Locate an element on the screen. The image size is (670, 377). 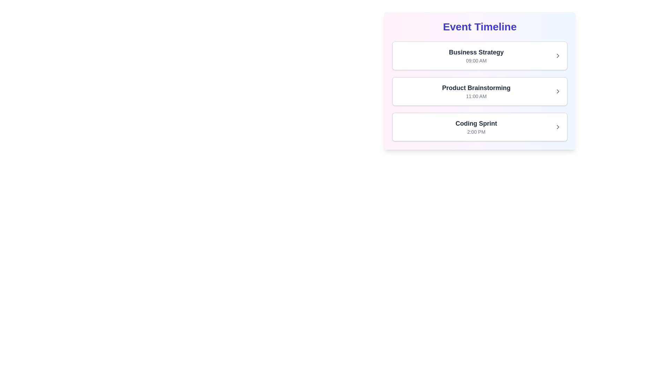
the 'Business Strategy' text label, which is styled in bold and larger font, located at the top of the events list in a bordered card section is located at coordinates (476, 52).